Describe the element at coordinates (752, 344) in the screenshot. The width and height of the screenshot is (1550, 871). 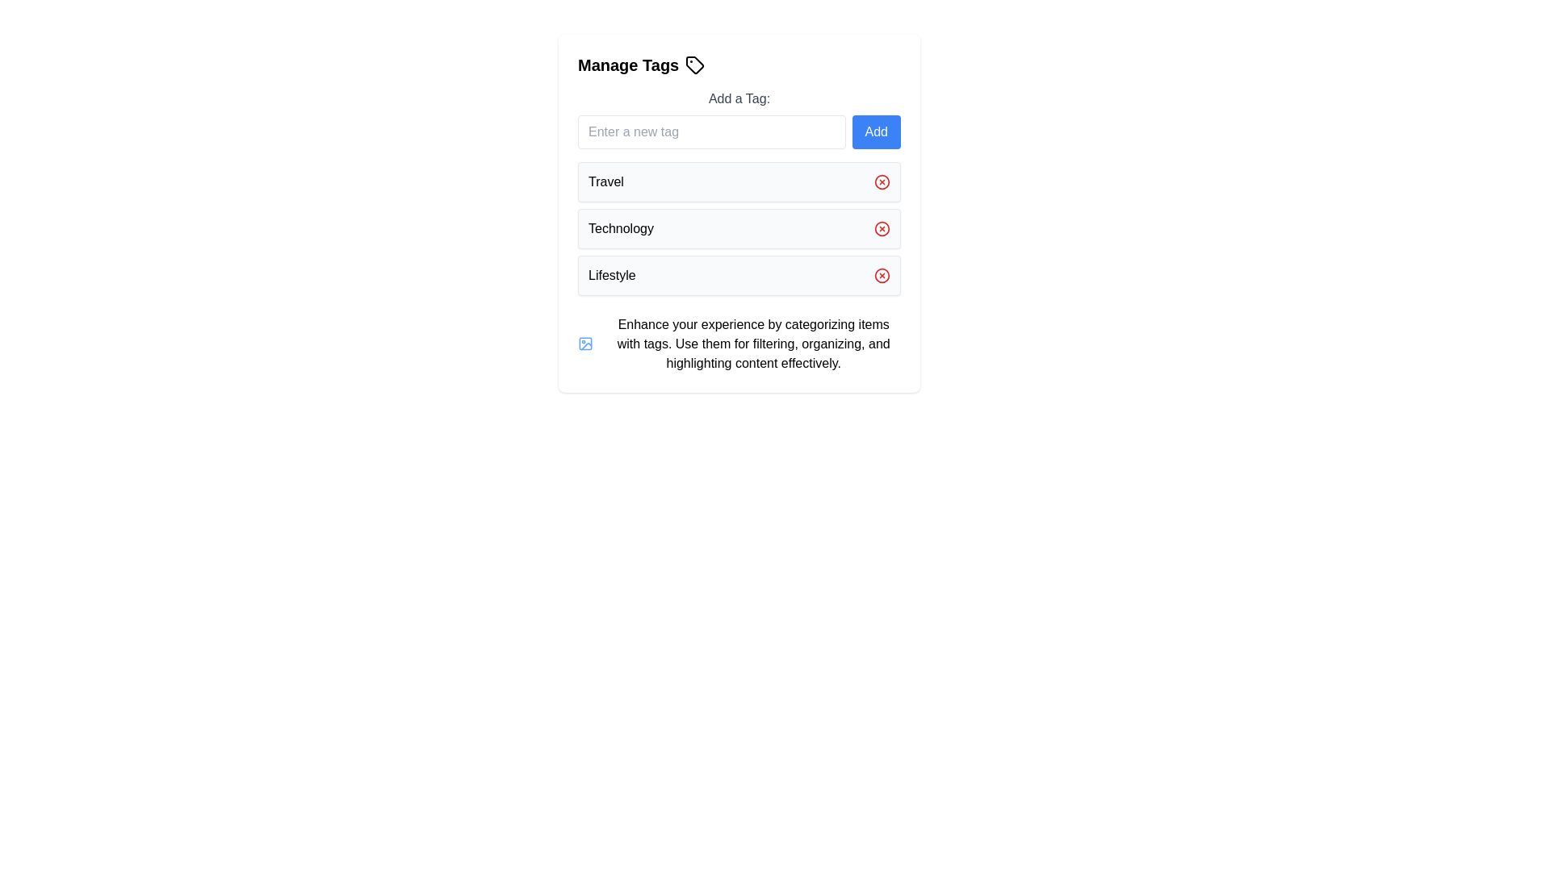
I see `the static text element that provides guidance on the importance of categorizing items using tags, located at the bottom of the 'Manage Tags' section` at that location.